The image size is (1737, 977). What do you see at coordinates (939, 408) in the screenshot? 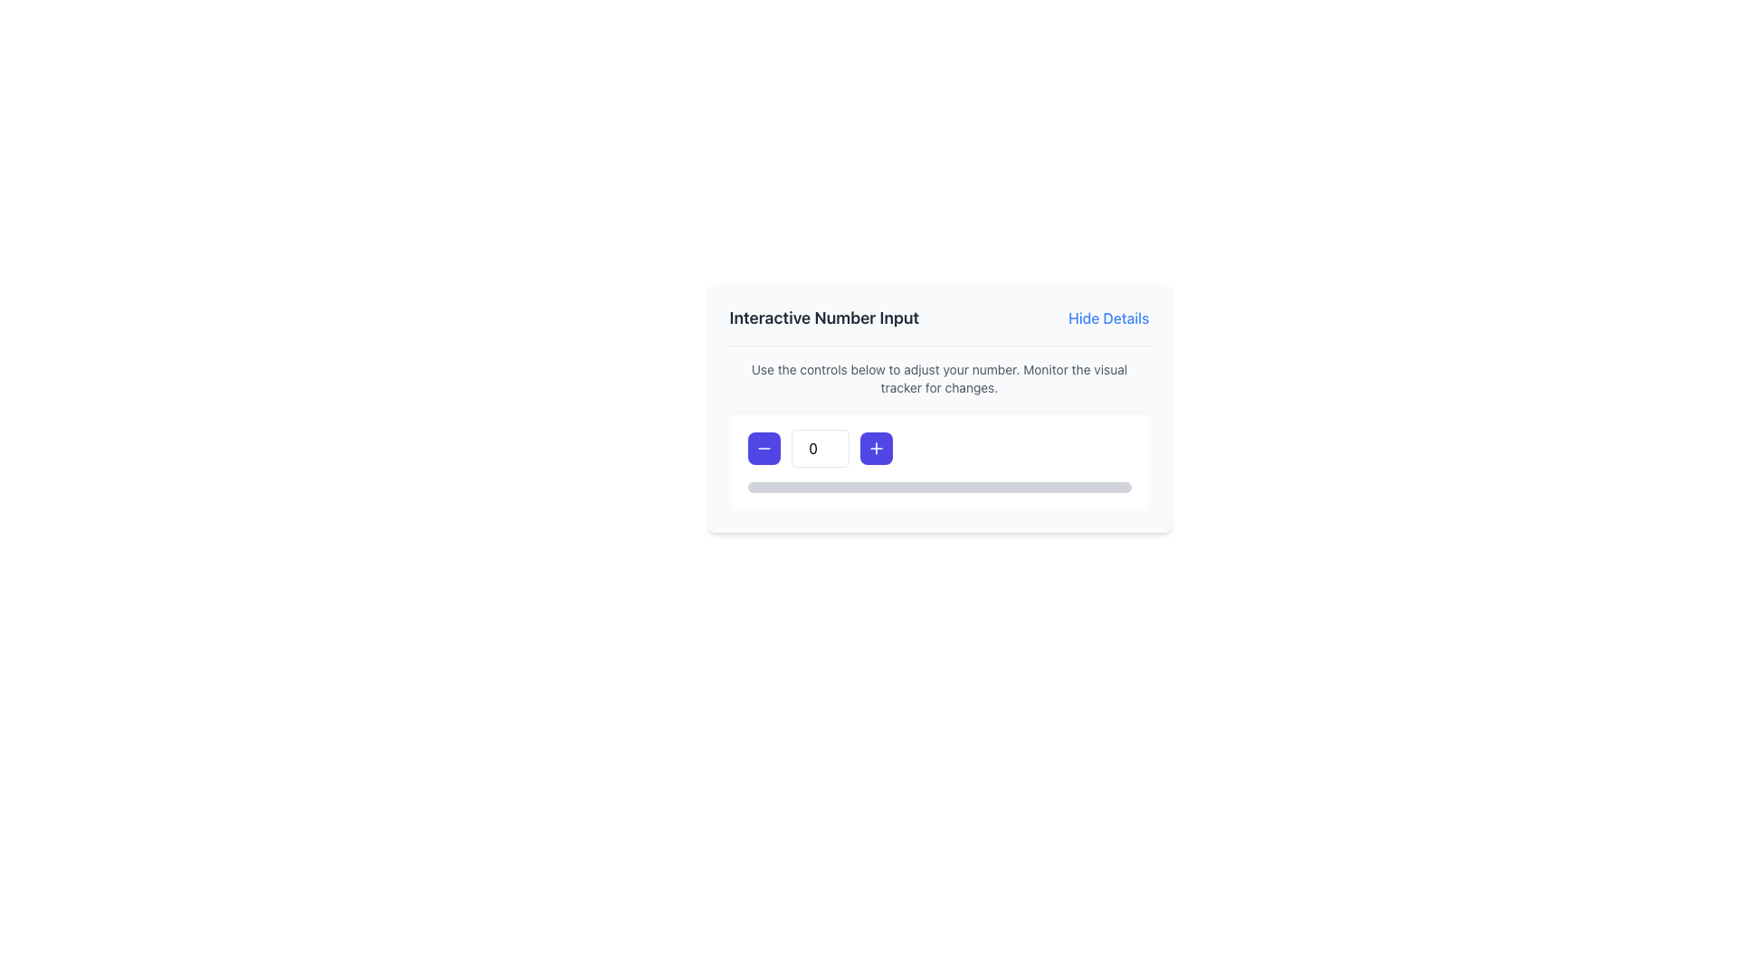
I see `the interactive controls of the 'Interactive Number Input' component, which includes the decrement button, number input box, and increment button` at bounding box center [939, 408].